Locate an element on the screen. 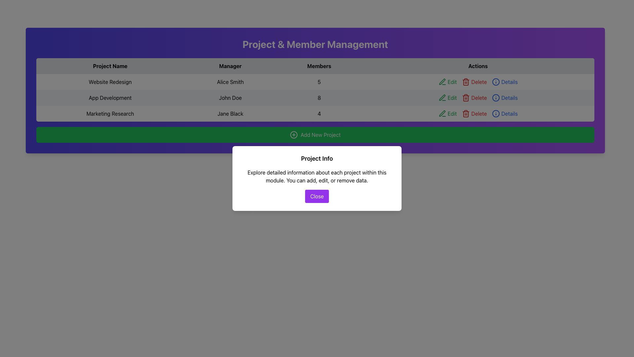 The width and height of the screenshot is (634, 357). the interactive text with an accompanying icon located in the 'Actions' column of the table, which is the third option to the right of the 'Delete' option is located at coordinates (505, 113).